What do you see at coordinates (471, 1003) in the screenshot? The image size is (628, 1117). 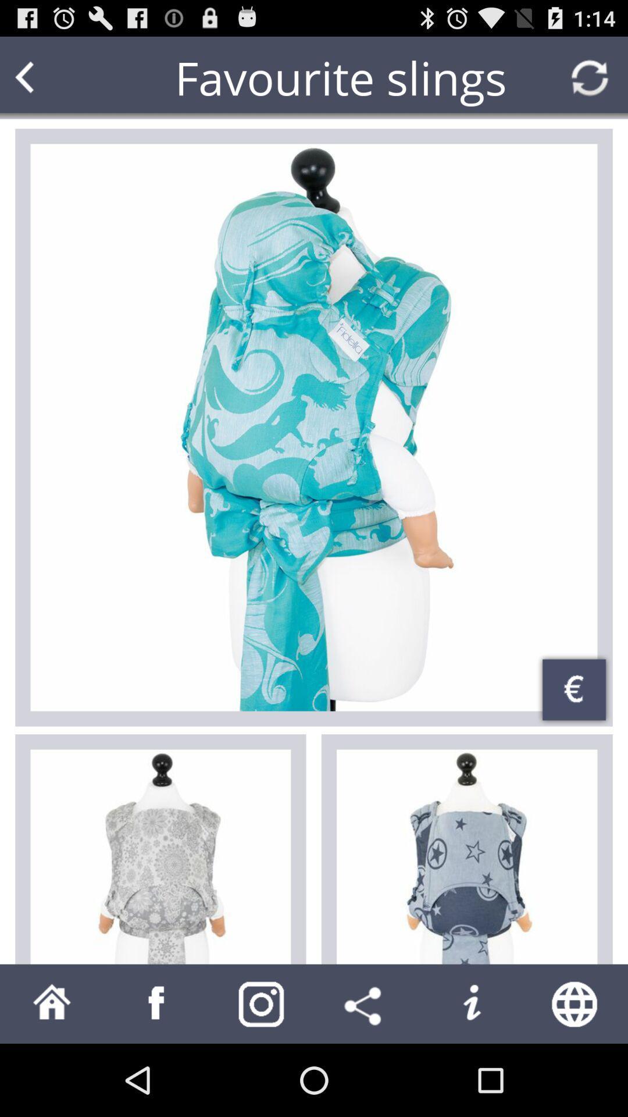 I see `shows information` at bounding box center [471, 1003].